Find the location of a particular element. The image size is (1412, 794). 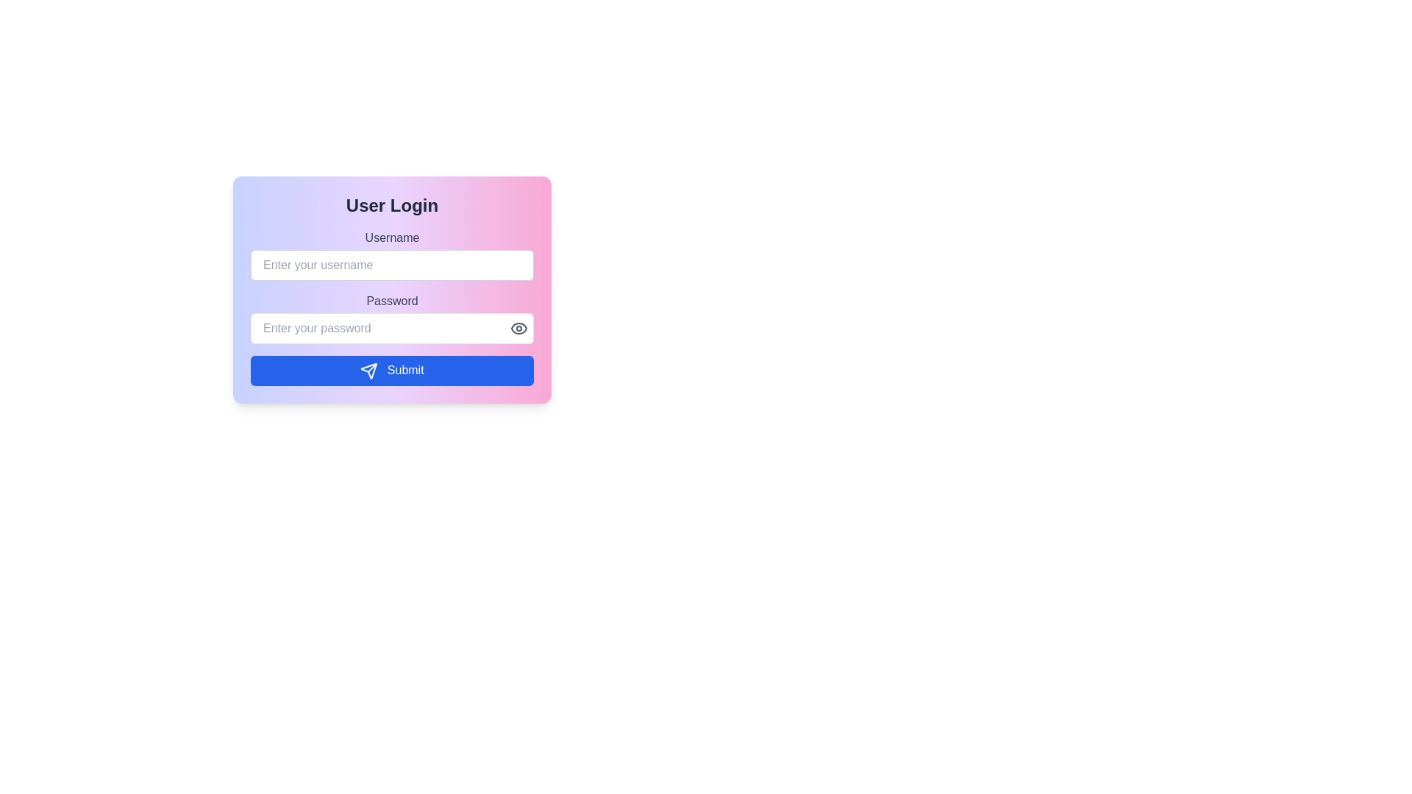

the username text input field located directly below the 'Username' label and above the 'Password' section is located at coordinates (392, 254).